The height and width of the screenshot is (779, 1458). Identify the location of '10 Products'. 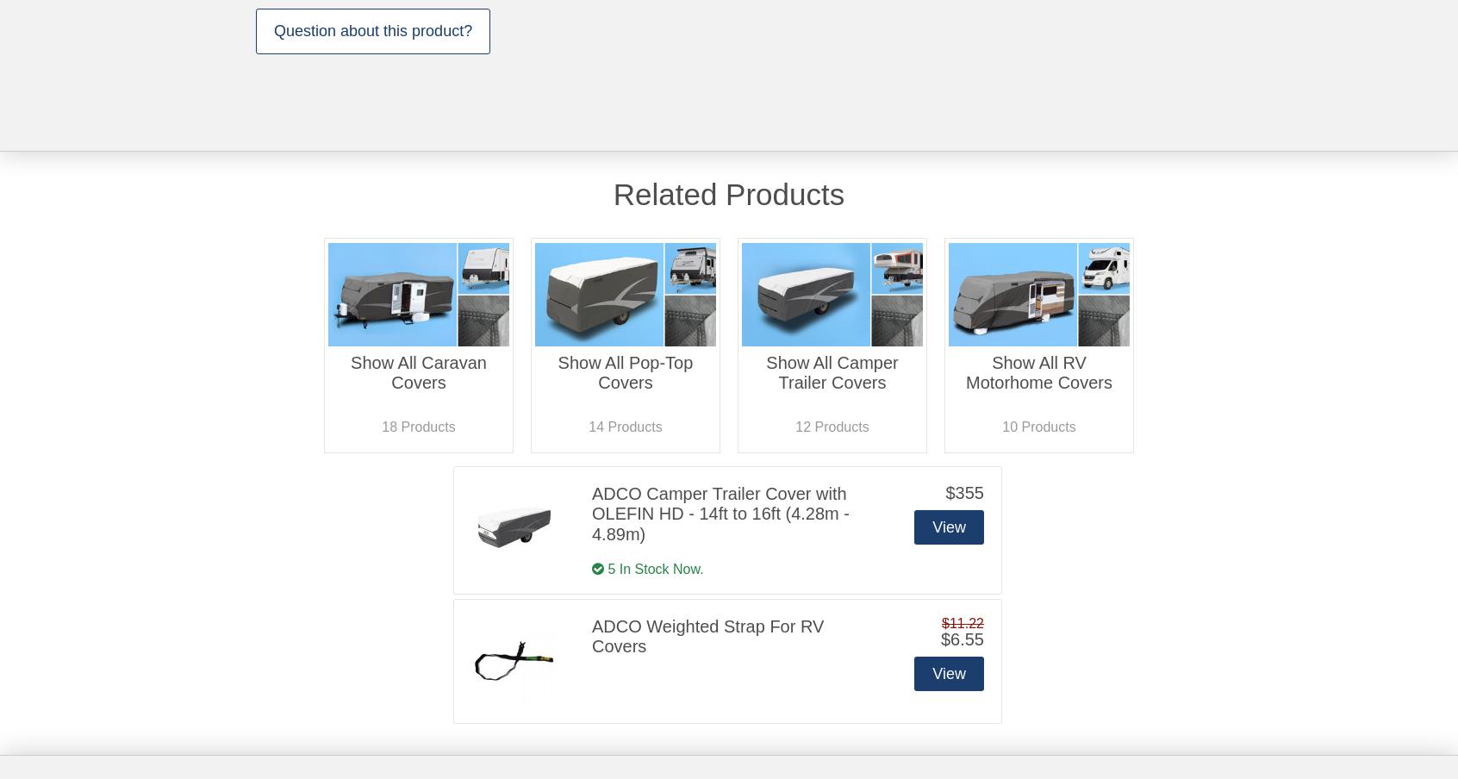
(1038, 425).